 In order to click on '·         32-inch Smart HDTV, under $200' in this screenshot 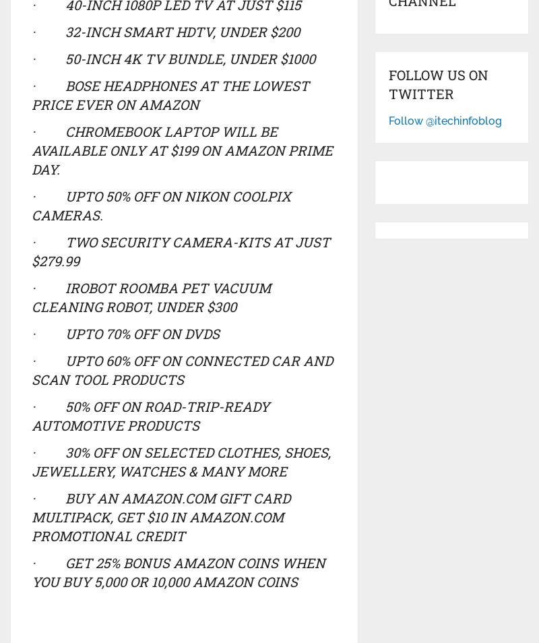, I will do `click(30, 30)`.